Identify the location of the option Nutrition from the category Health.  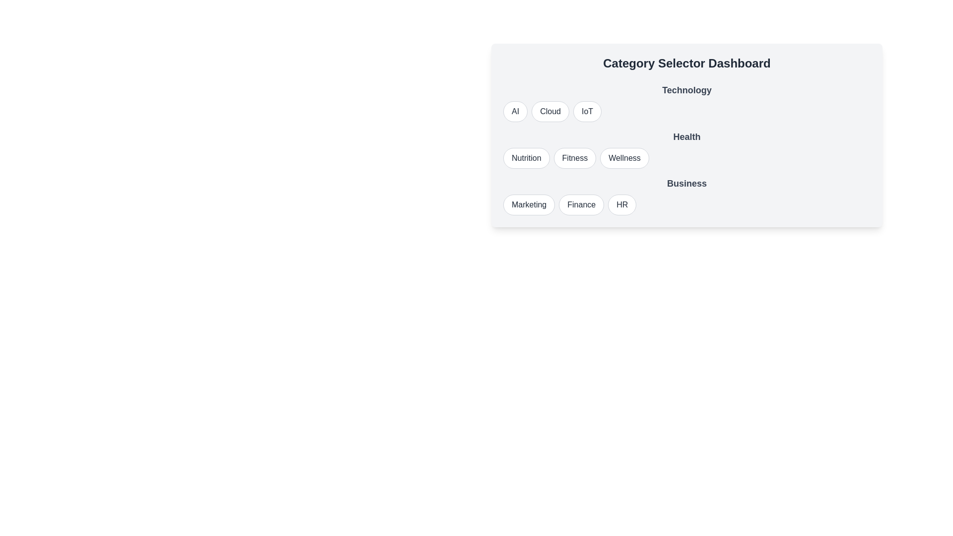
(526, 158).